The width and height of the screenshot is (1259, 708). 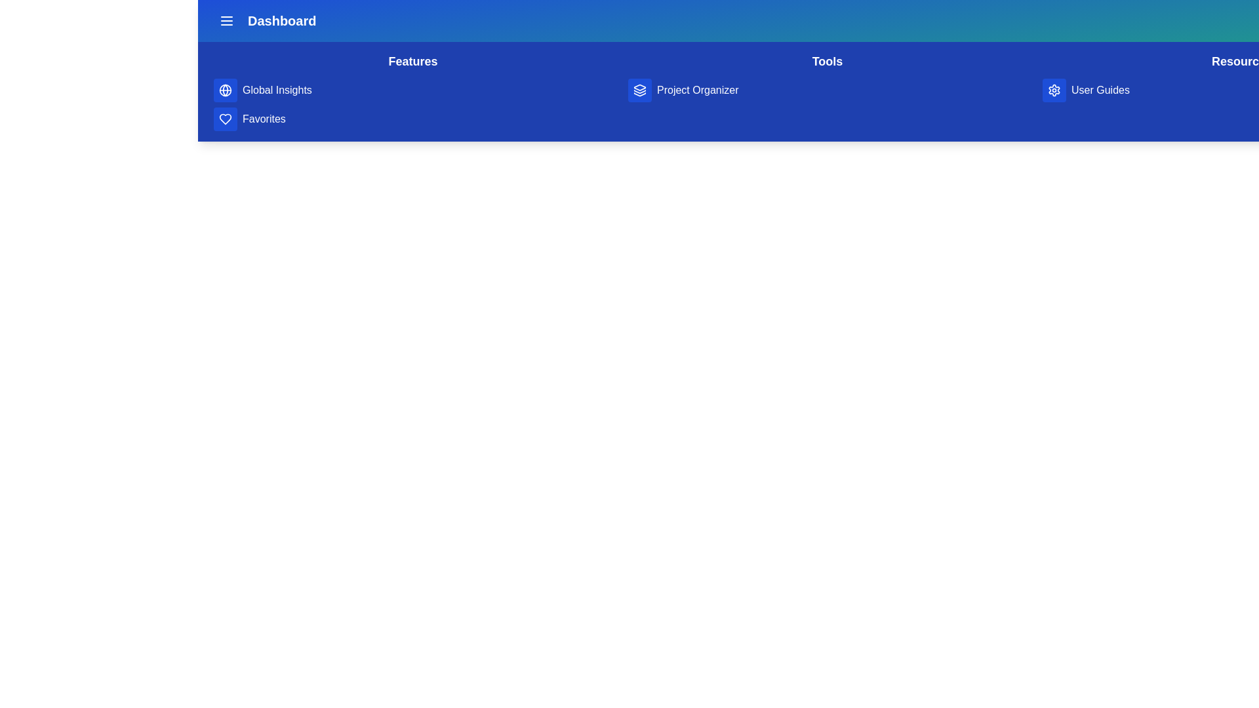 What do you see at coordinates (226, 20) in the screenshot?
I see `the square-shaped button with a three-line menu icon in the center` at bounding box center [226, 20].